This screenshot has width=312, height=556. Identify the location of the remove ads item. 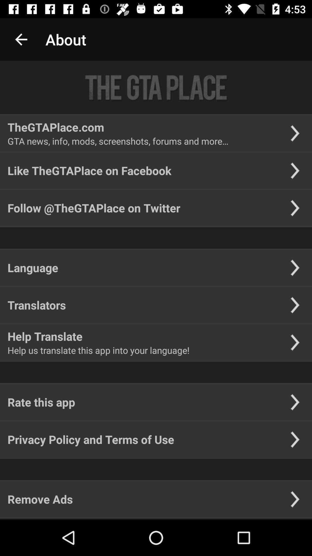
(40, 499).